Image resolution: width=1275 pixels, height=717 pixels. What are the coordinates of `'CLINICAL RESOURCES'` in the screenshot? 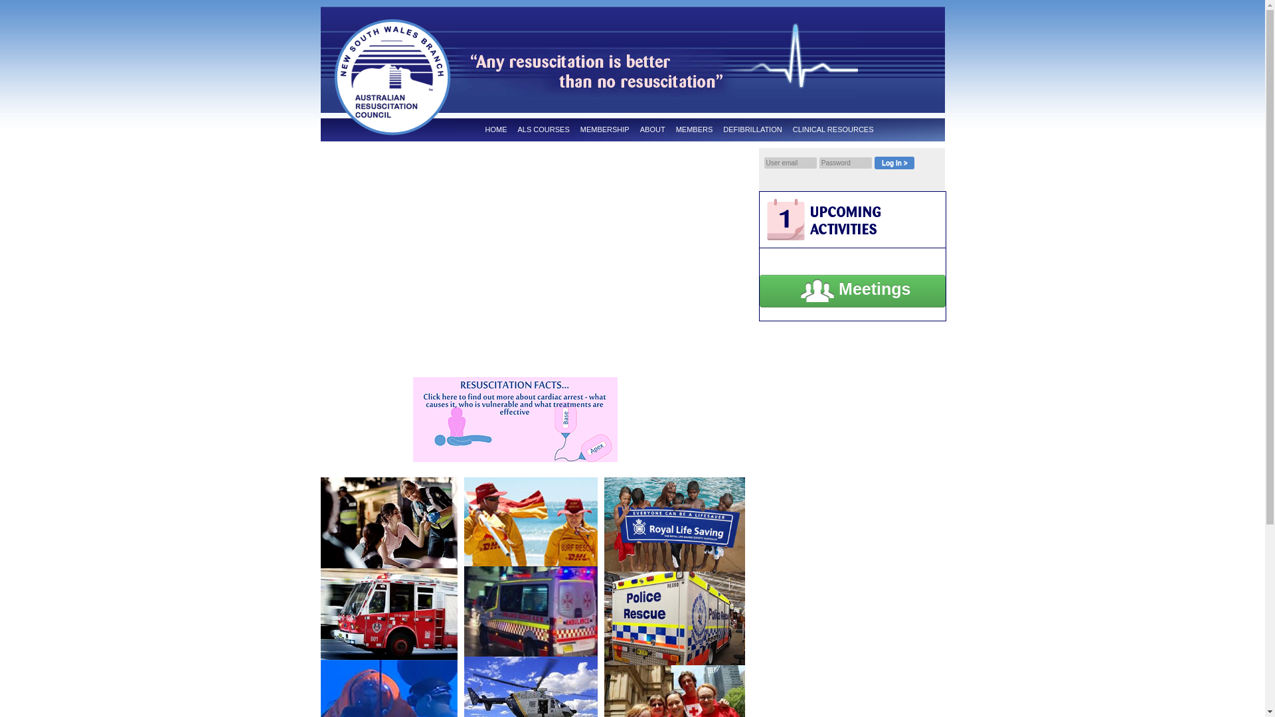 It's located at (832, 129).